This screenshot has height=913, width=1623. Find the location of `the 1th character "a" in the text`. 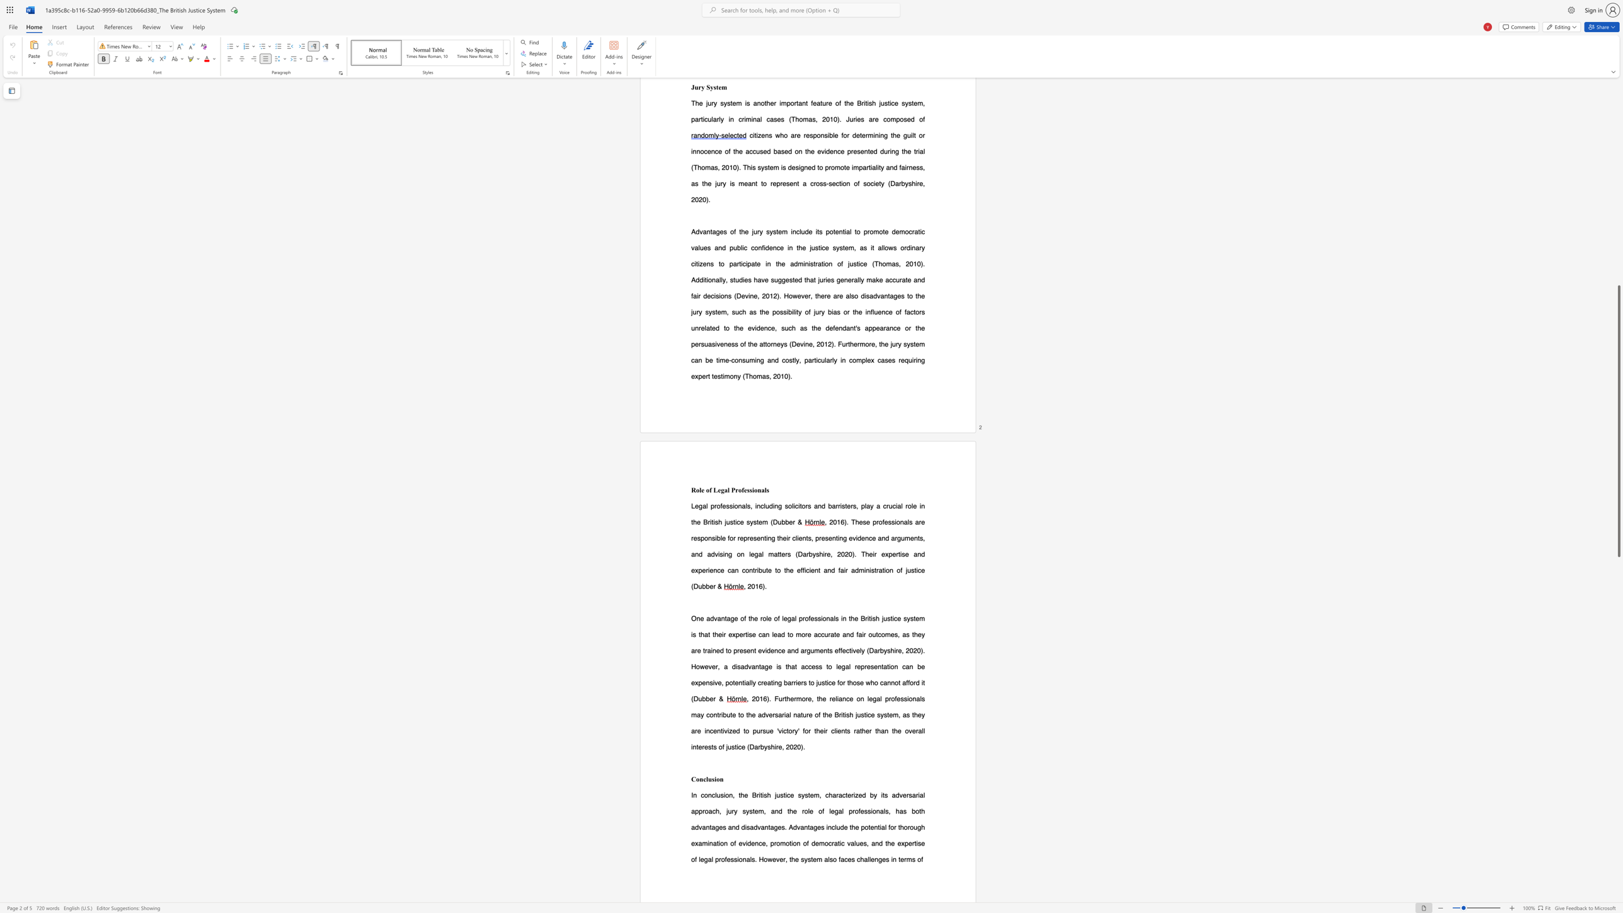

the 1th character "a" in the text is located at coordinates (725, 489).